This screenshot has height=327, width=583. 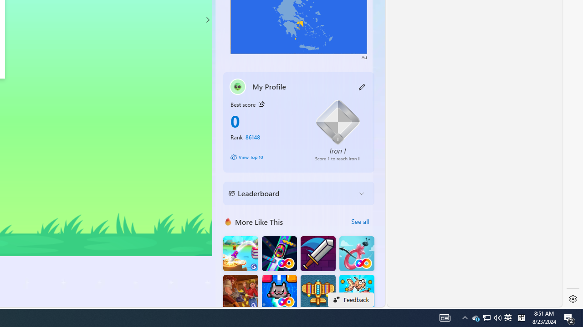 What do you see at coordinates (360, 222) in the screenshot?
I see `'See all'` at bounding box center [360, 222].